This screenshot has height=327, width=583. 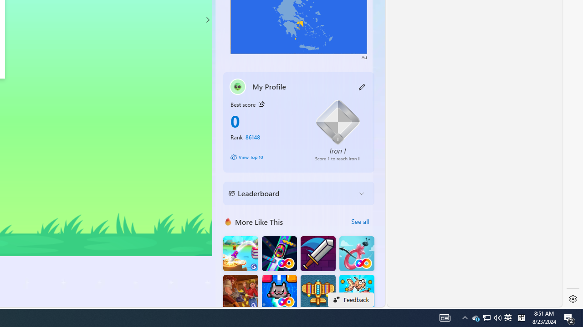 What do you see at coordinates (360, 222) in the screenshot?
I see `'See all'` at bounding box center [360, 222].